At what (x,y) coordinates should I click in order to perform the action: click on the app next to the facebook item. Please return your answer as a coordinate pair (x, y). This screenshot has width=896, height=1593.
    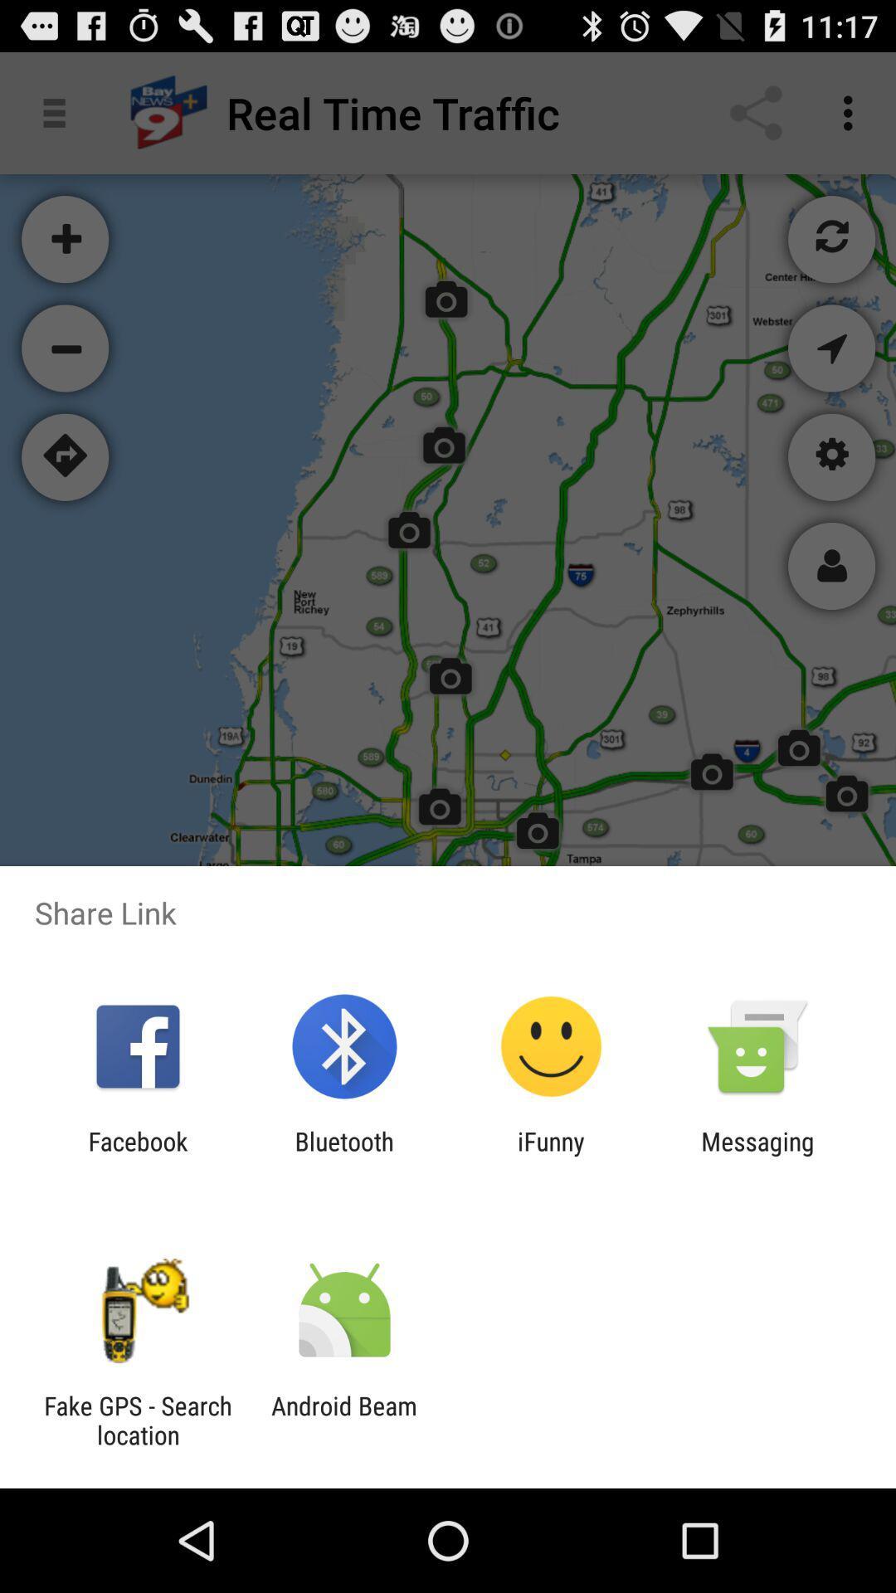
    Looking at the image, I should click on (343, 1155).